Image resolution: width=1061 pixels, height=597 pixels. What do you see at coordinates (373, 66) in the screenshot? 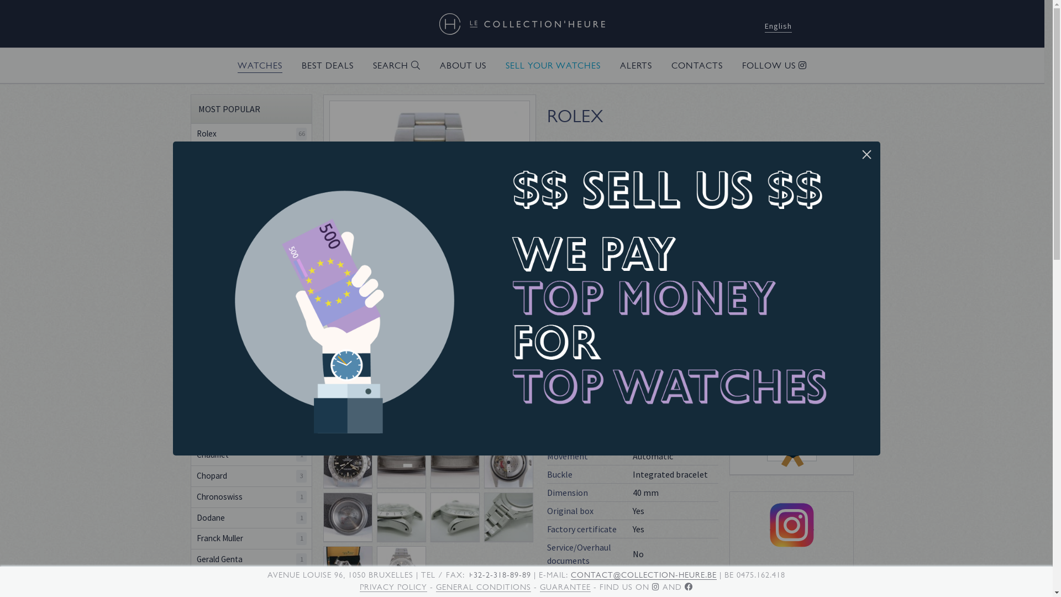
I see `'SEARCH'` at bounding box center [373, 66].